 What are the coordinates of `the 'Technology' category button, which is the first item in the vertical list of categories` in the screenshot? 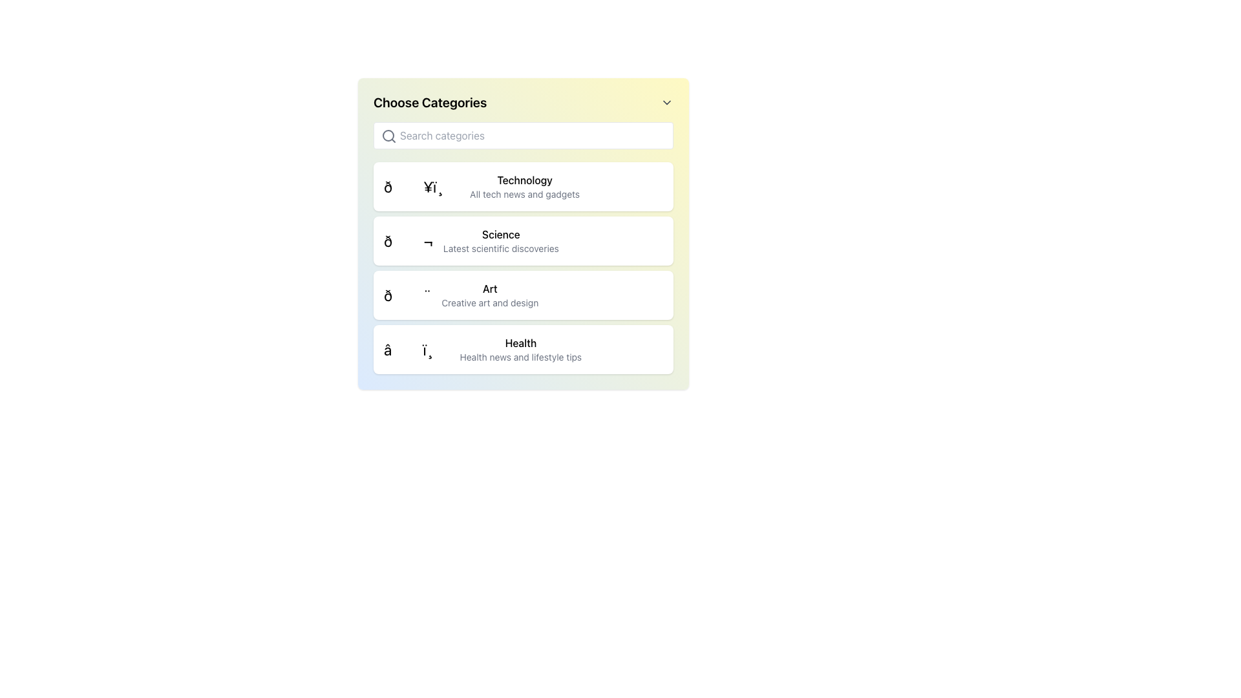 It's located at (524, 187).